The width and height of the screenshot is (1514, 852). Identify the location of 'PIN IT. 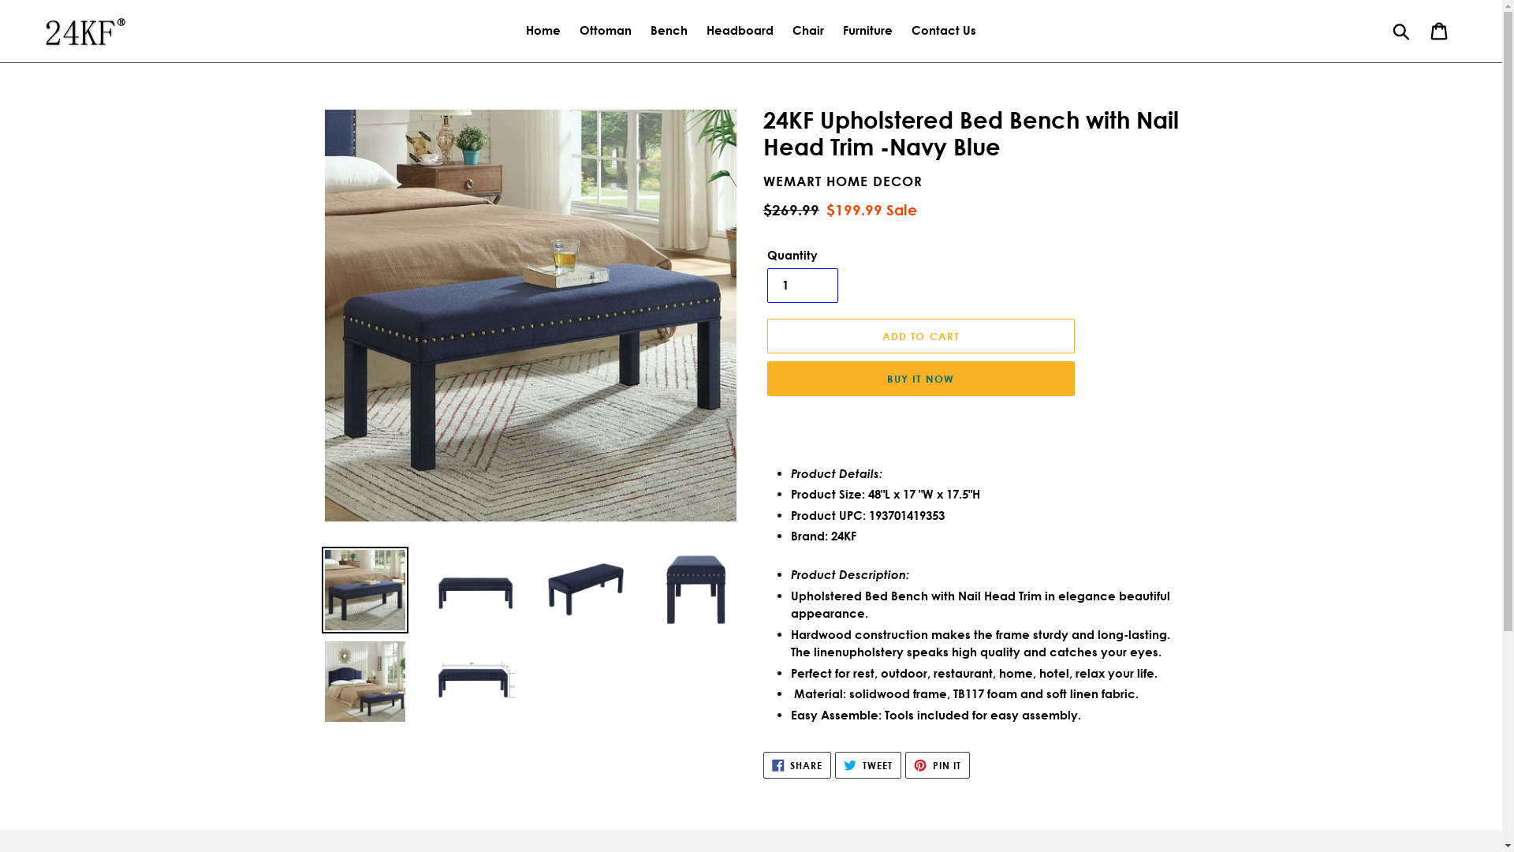
(938, 764).